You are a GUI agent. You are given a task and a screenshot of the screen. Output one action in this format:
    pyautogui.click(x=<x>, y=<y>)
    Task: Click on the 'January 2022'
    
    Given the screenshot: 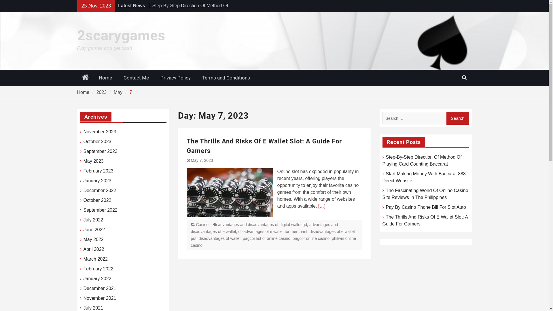 What is the action you would take?
    pyautogui.click(x=97, y=278)
    